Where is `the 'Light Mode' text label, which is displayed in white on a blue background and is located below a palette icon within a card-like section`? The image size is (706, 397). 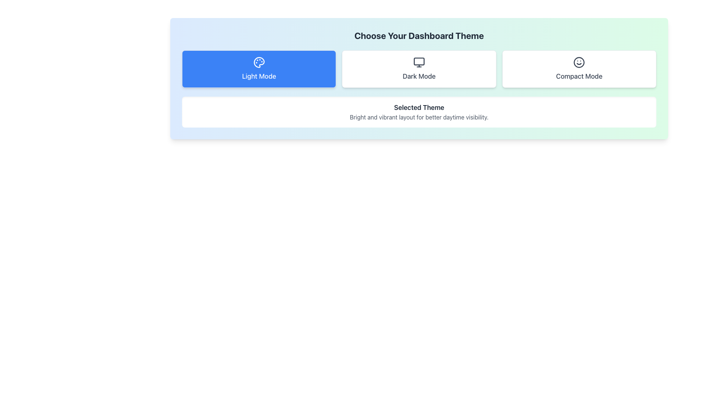 the 'Light Mode' text label, which is displayed in white on a blue background and is located below a palette icon within a card-like section is located at coordinates (259, 76).